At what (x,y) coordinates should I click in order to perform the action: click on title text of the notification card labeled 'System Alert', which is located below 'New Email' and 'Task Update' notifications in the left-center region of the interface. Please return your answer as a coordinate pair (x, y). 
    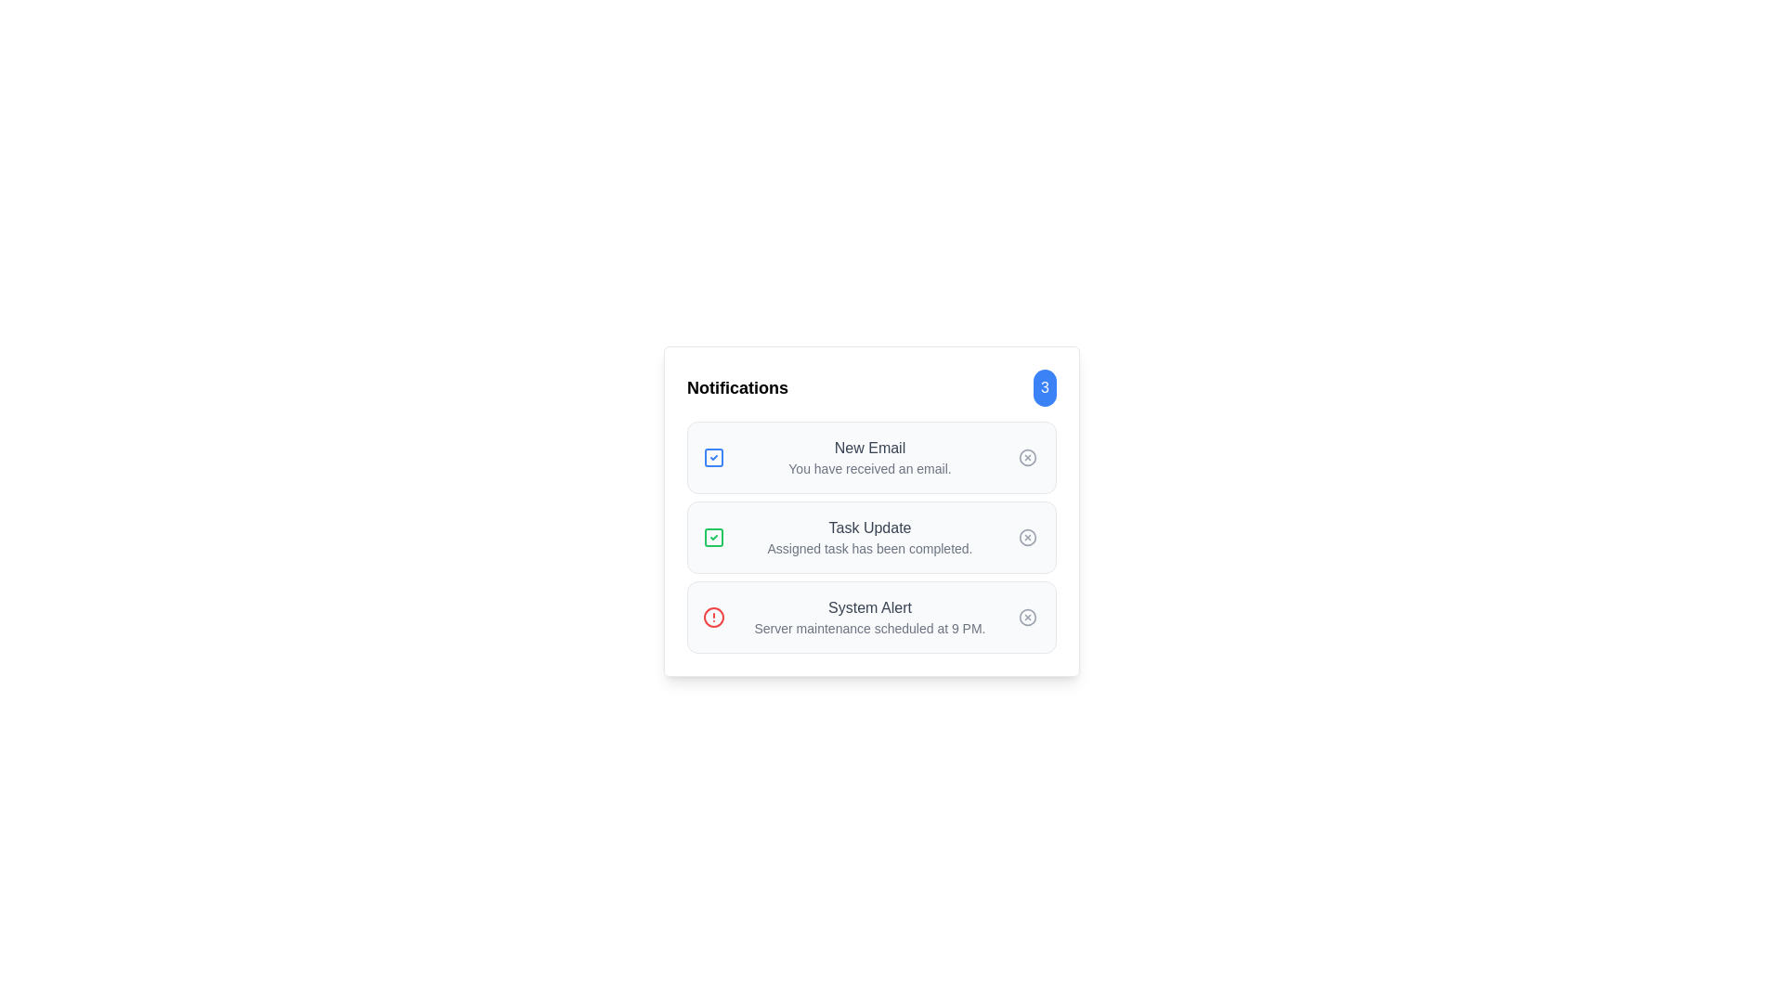
    Looking at the image, I should click on (868, 608).